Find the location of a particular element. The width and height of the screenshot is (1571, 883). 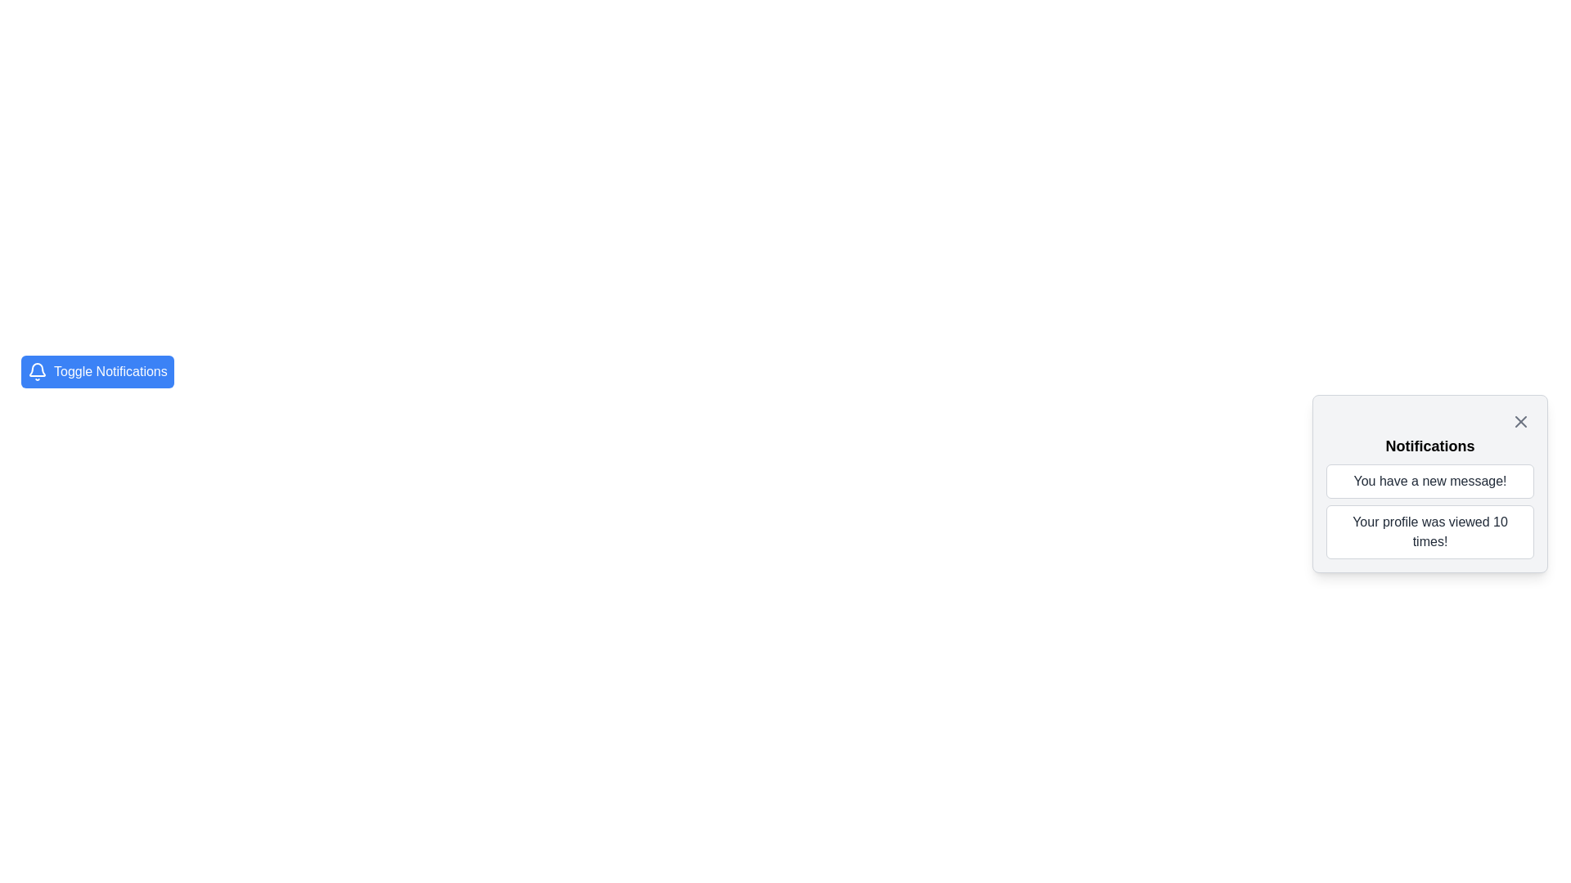

the 'Toggle Notifications' button that contains the bell icon on its left side is located at coordinates (38, 372).